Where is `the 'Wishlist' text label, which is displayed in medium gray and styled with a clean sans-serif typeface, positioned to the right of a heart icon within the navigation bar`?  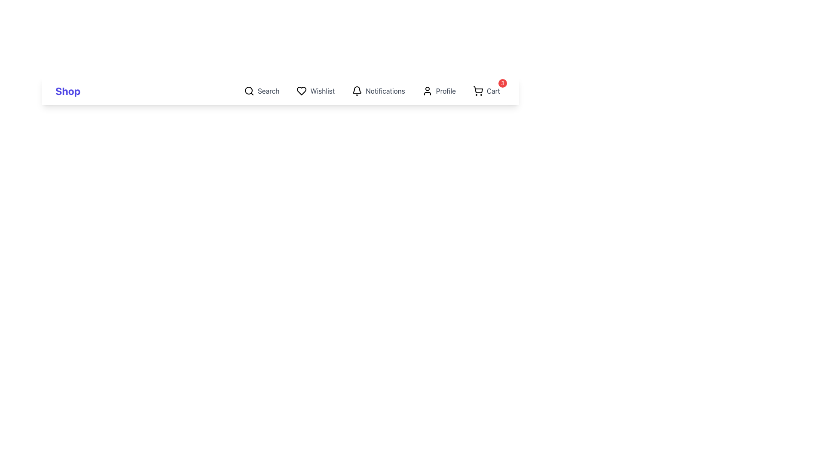 the 'Wishlist' text label, which is displayed in medium gray and styled with a clean sans-serif typeface, positioned to the right of a heart icon within the navigation bar is located at coordinates (322, 91).